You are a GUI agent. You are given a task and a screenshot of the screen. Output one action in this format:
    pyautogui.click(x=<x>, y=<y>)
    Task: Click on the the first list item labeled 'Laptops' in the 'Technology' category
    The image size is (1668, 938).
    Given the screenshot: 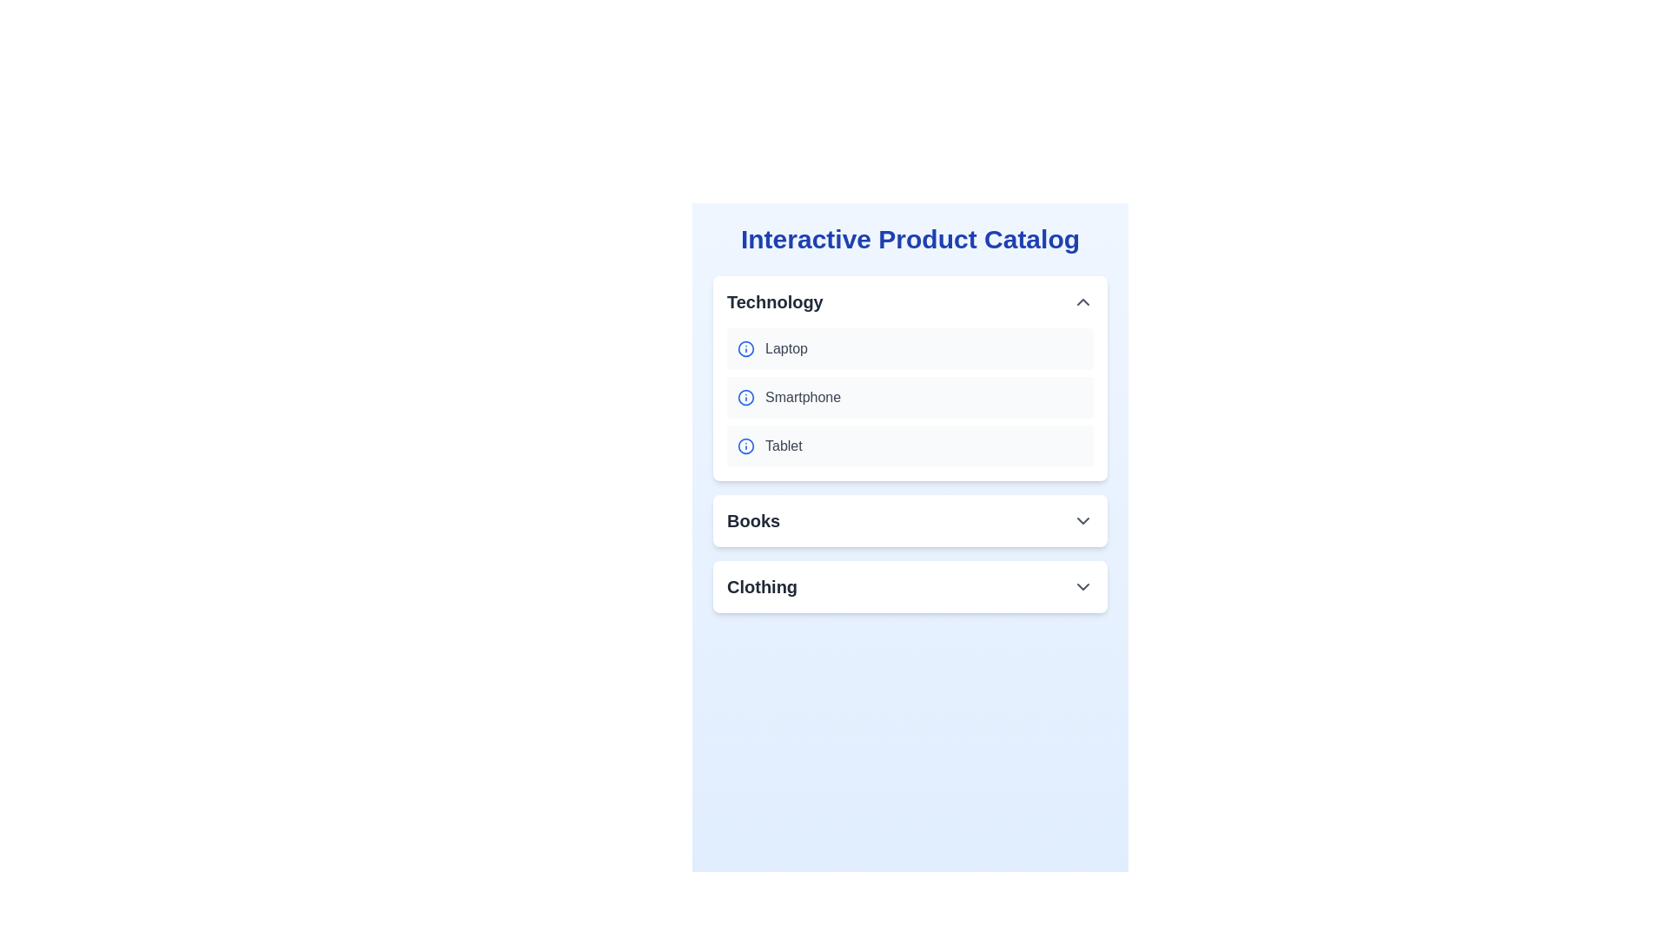 What is the action you would take?
    pyautogui.click(x=909, y=348)
    